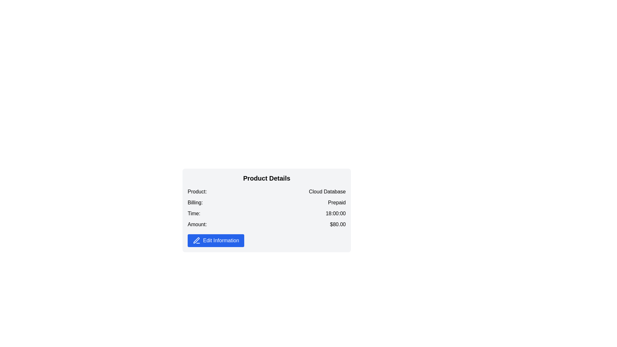 The height and width of the screenshot is (347, 617). What do you see at coordinates (335, 214) in the screenshot?
I see `the static text element displaying time information, located in the 'Time' field, to the right of the label 'Time:'` at bounding box center [335, 214].